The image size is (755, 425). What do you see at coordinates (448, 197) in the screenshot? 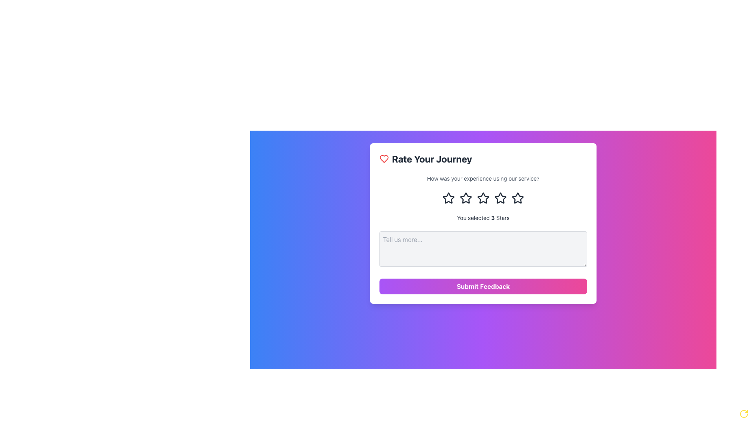
I see `the third star-shaped graphic in the rating system` at bounding box center [448, 197].